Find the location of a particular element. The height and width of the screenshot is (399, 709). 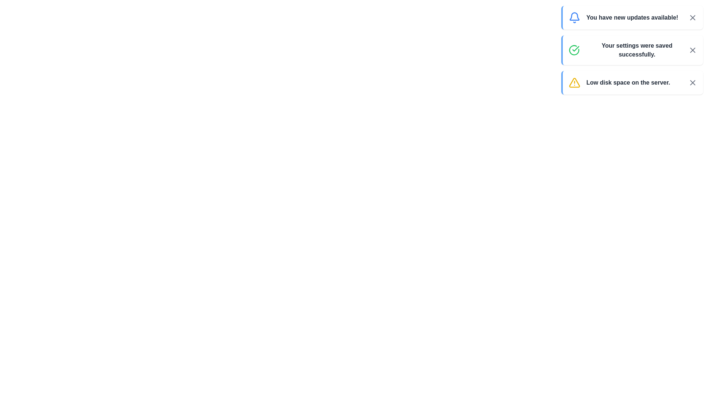

the icon representing the message type: warning is located at coordinates (574, 82).